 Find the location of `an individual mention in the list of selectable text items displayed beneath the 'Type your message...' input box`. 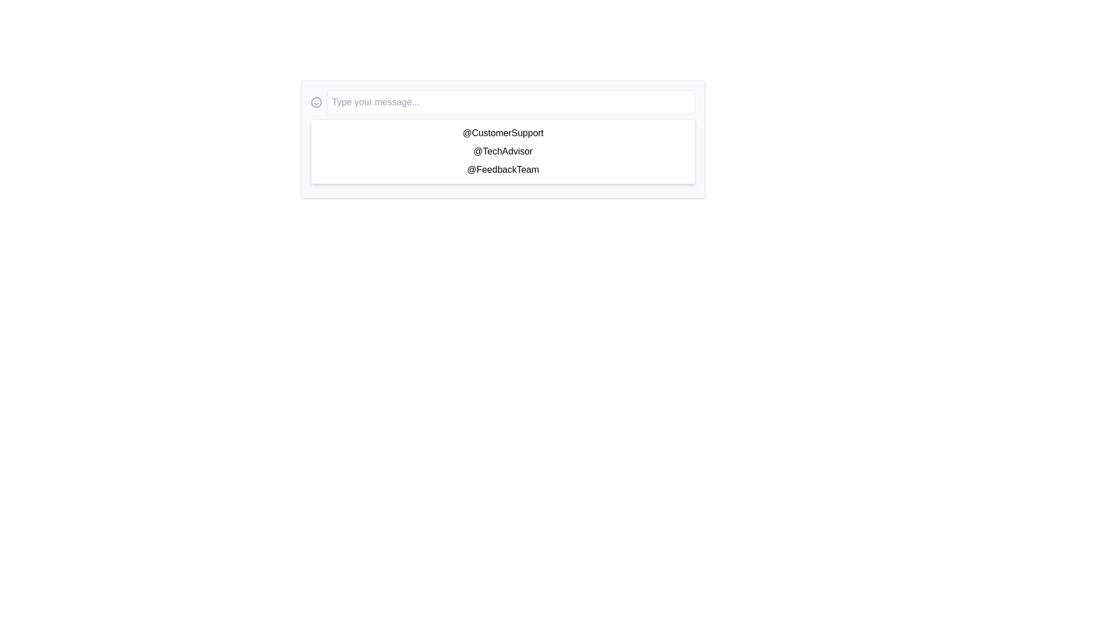

an individual mention in the list of selectable text items displayed beneath the 'Type your message...' input box is located at coordinates (503, 151).